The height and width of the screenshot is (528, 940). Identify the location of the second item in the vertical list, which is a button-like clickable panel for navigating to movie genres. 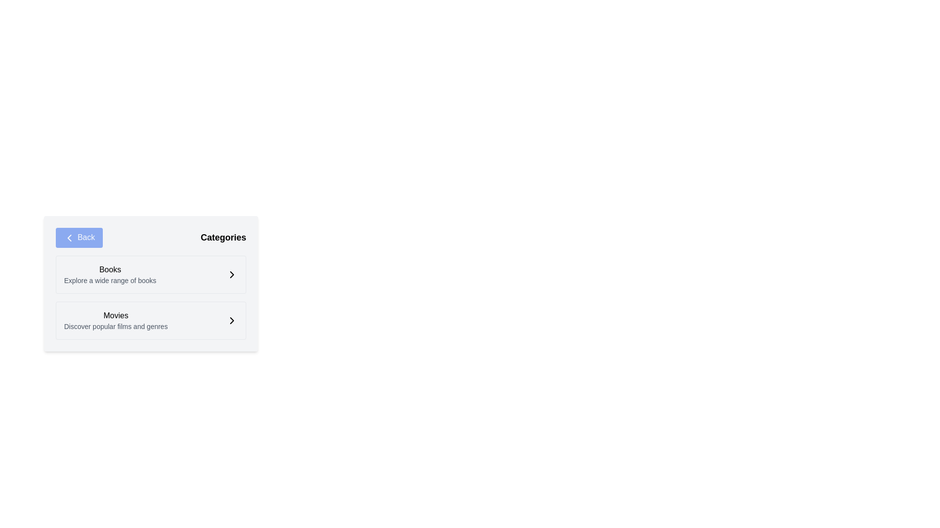
(150, 320).